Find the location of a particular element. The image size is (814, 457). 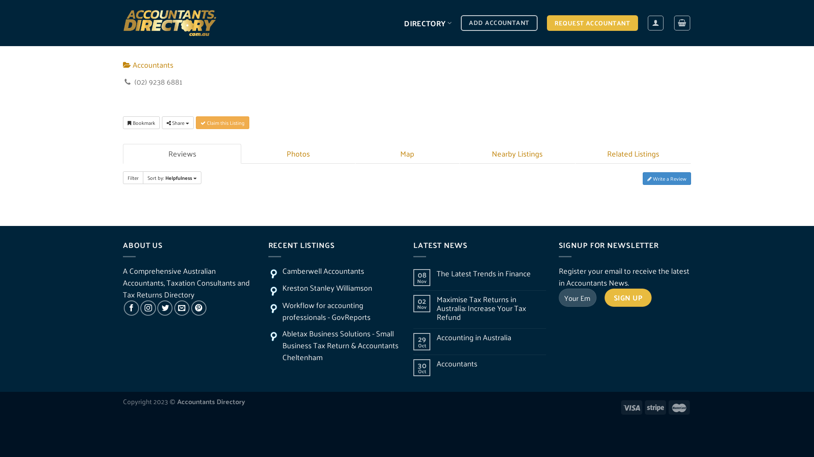

'Follow on Twitter' is located at coordinates (157, 308).